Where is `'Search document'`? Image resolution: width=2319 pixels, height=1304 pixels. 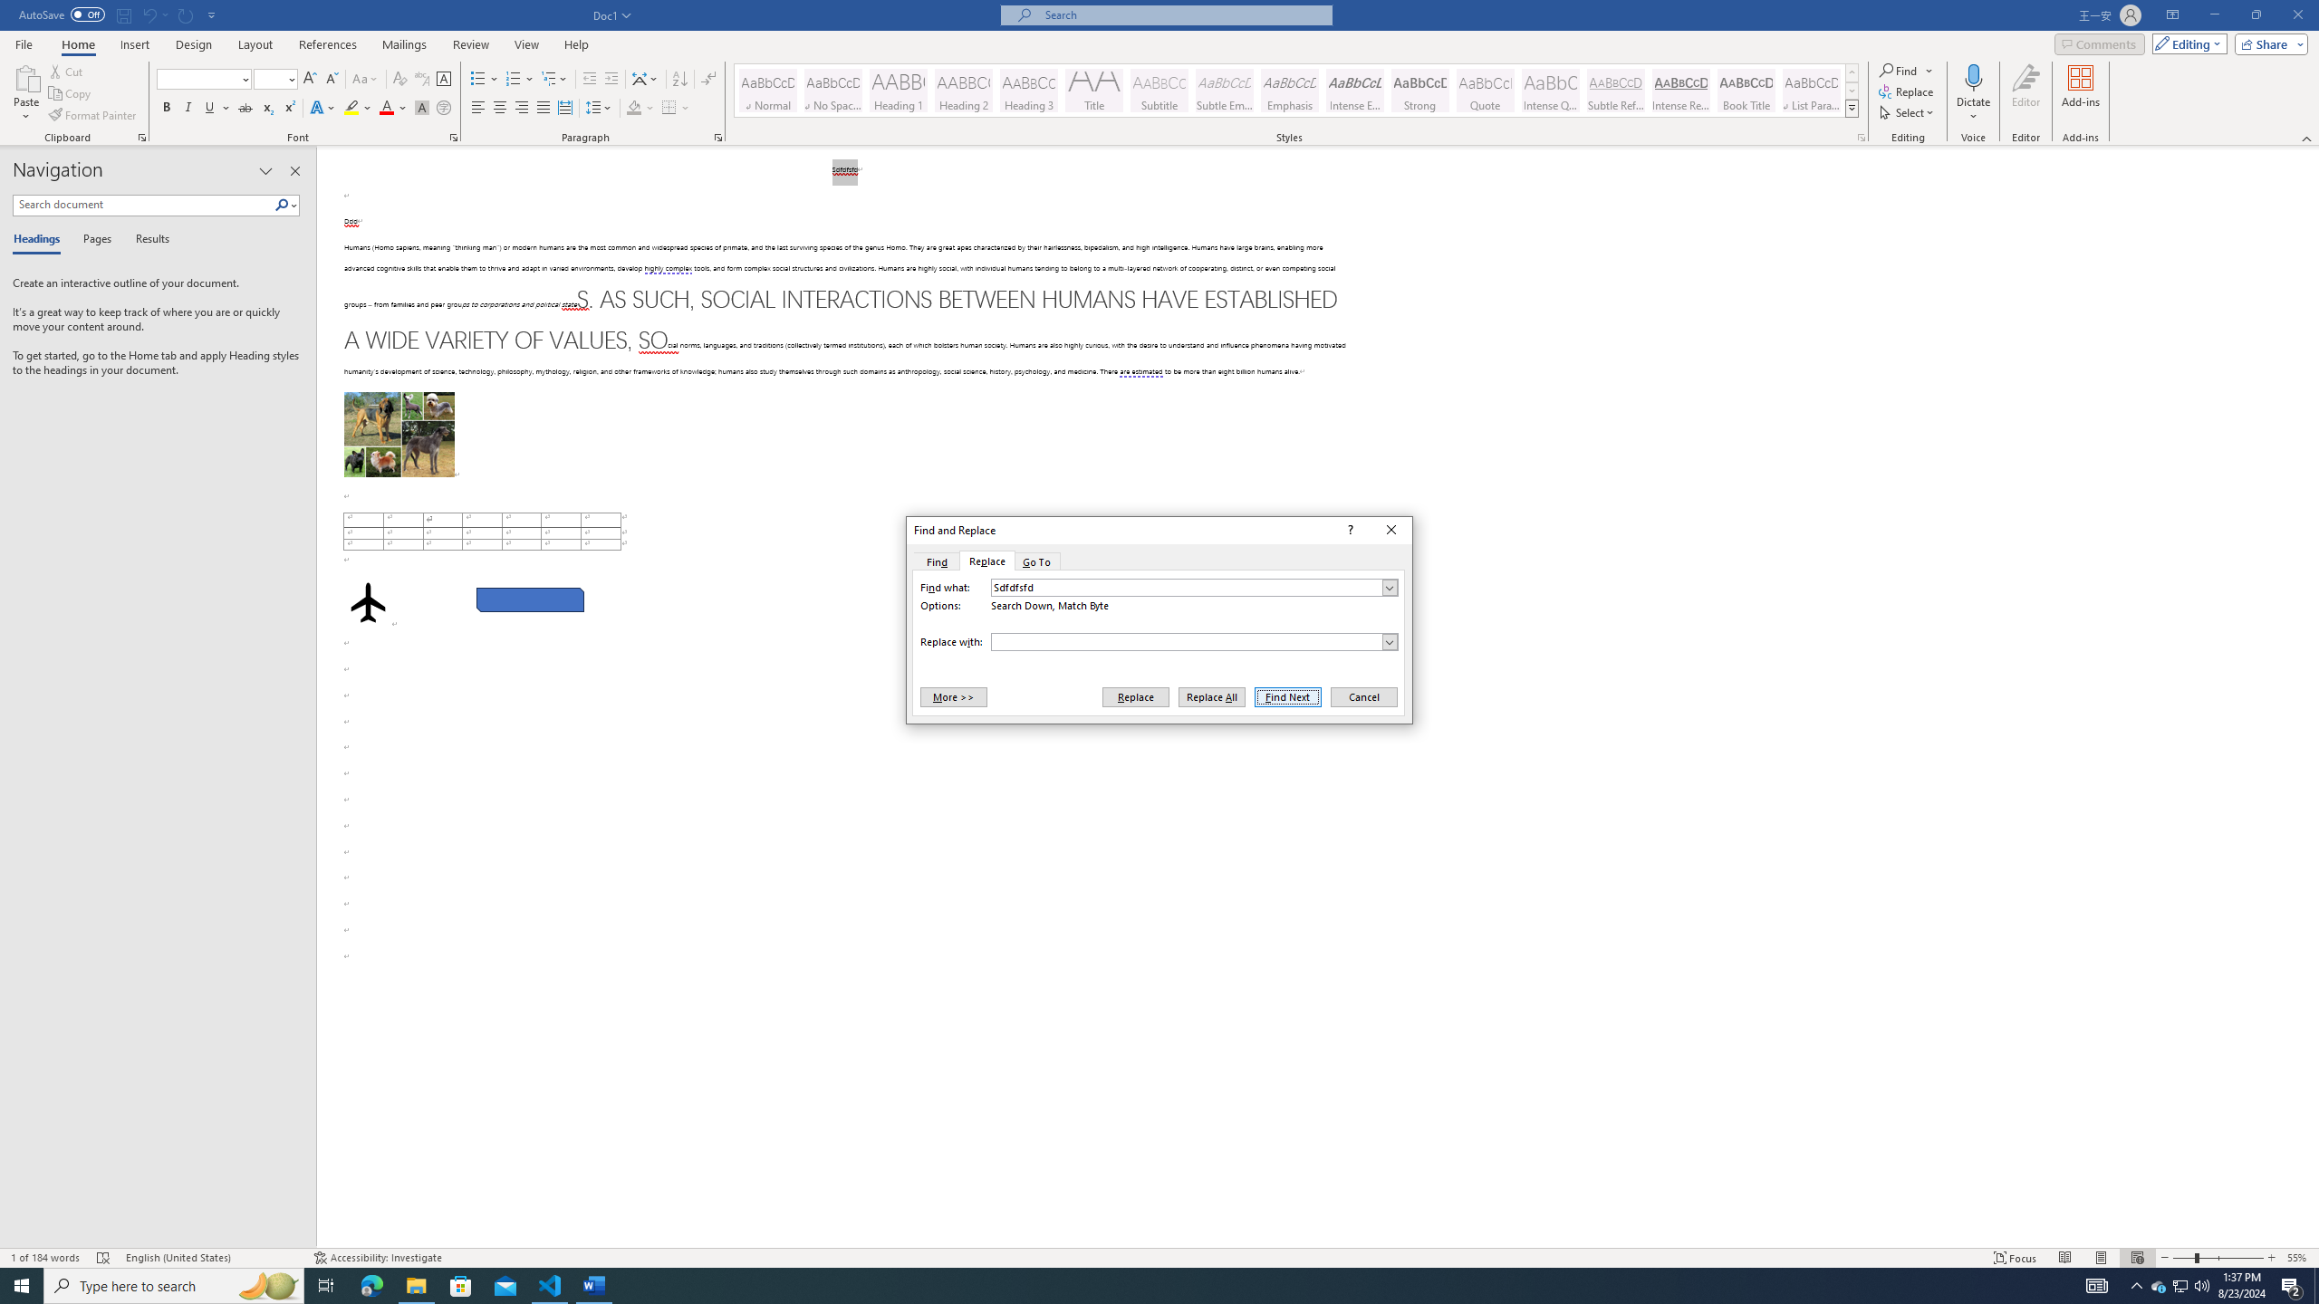
'Search document' is located at coordinates (143, 204).